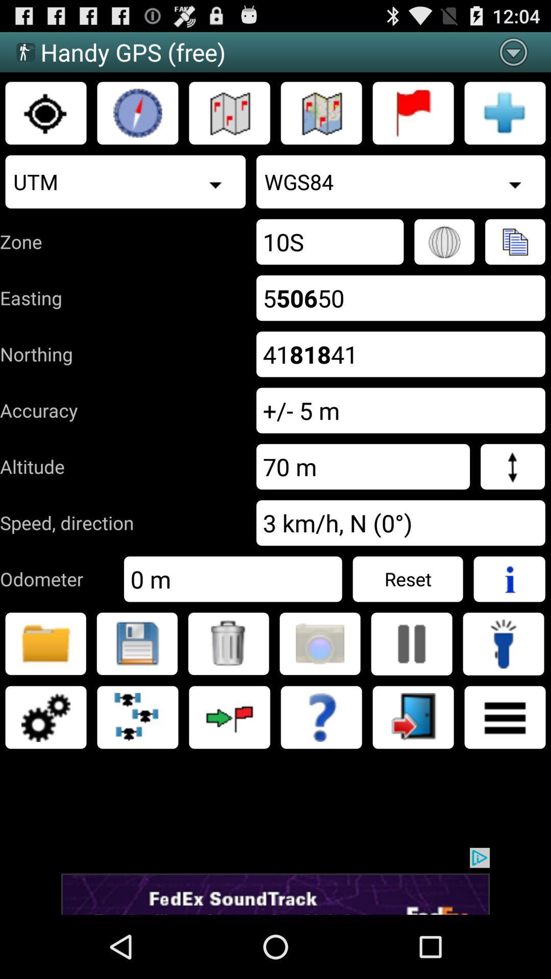 The width and height of the screenshot is (551, 979). What do you see at coordinates (136, 643) in the screenshot?
I see `the location` at bounding box center [136, 643].